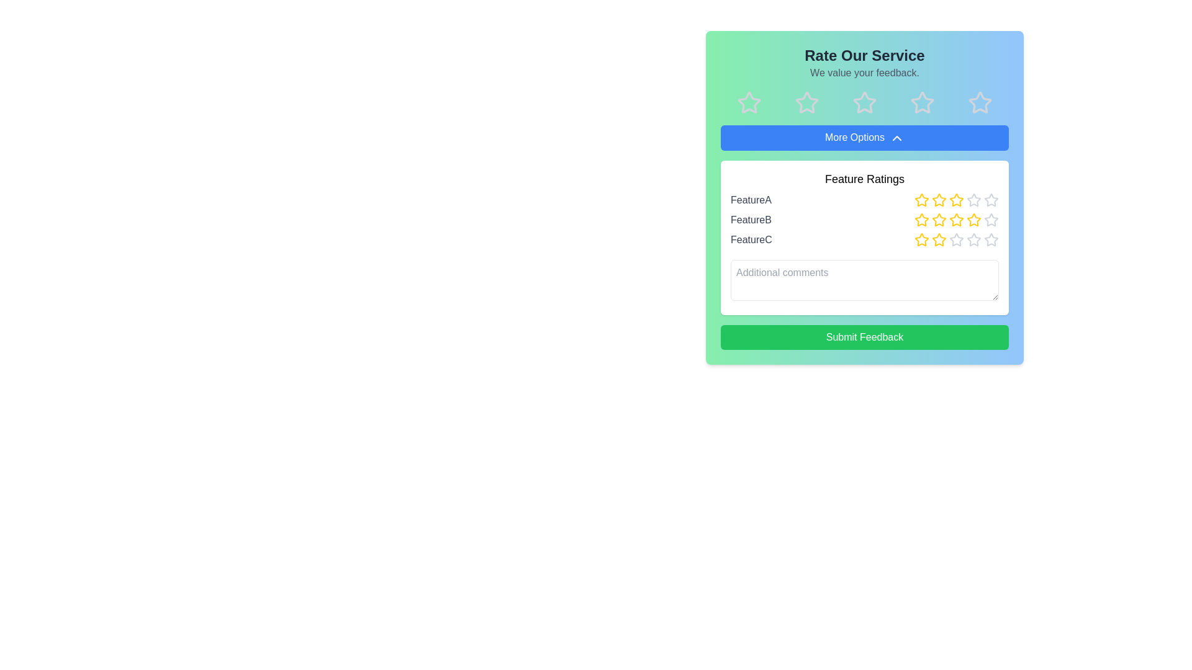  I want to click on the yellow star icon that serves as the second rating star for FeatureB in the Feature Ratings section to rate it, so click(921, 219).